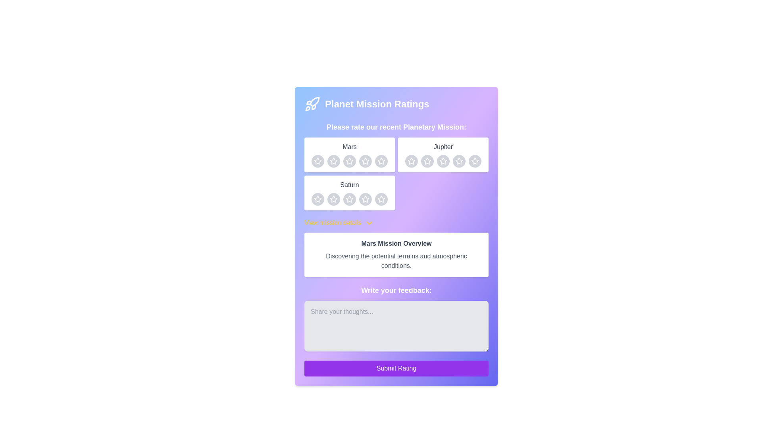  What do you see at coordinates (396, 126) in the screenshot?
I see `the instruction text located beneath the heading 'Planet Mission Ratings' and above the rating options 'Mars', 'Jupiter', and 'Saturn'` at bounding box center [396, 126].